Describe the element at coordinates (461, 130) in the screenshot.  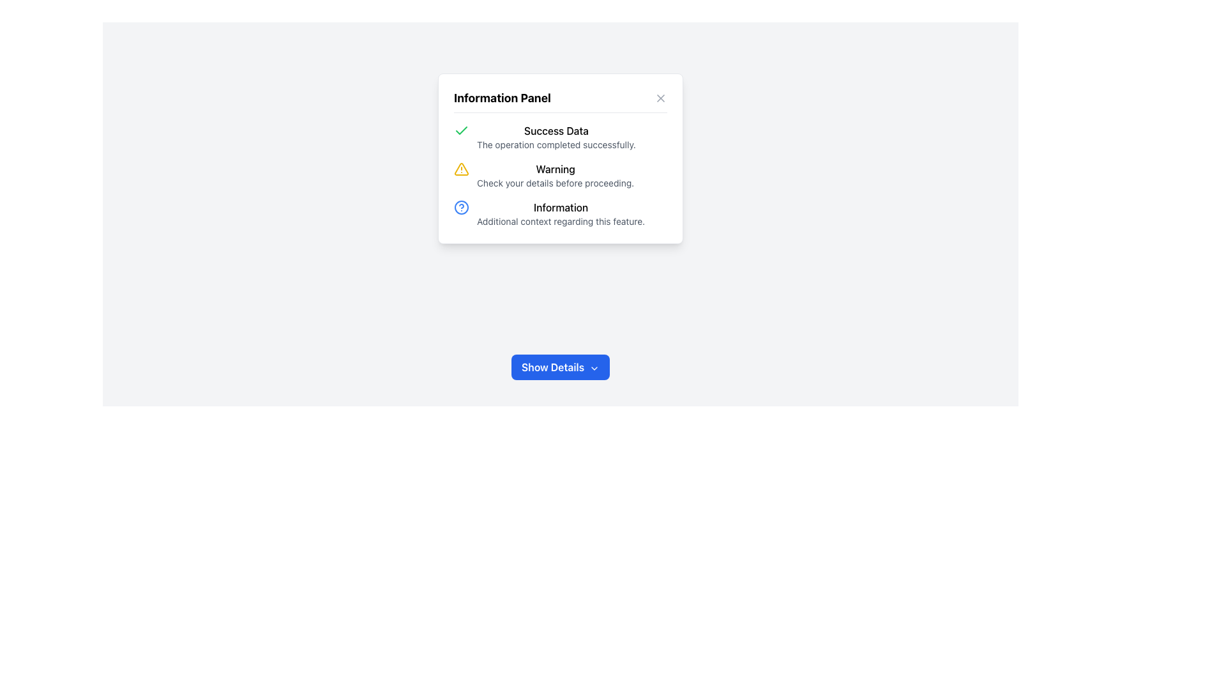
I see `the green checkmark icon located to the left of the 'Success Data' label in the 'Information Panel' dialog box` at that location.